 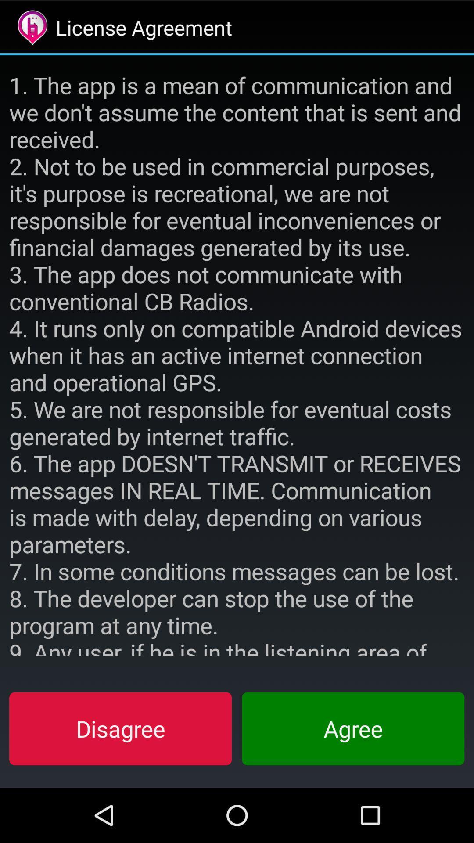 What do you see at coordinates (120, 728) in the screenshot?
I see `button next to agree button` at bounding box center [120, 728].